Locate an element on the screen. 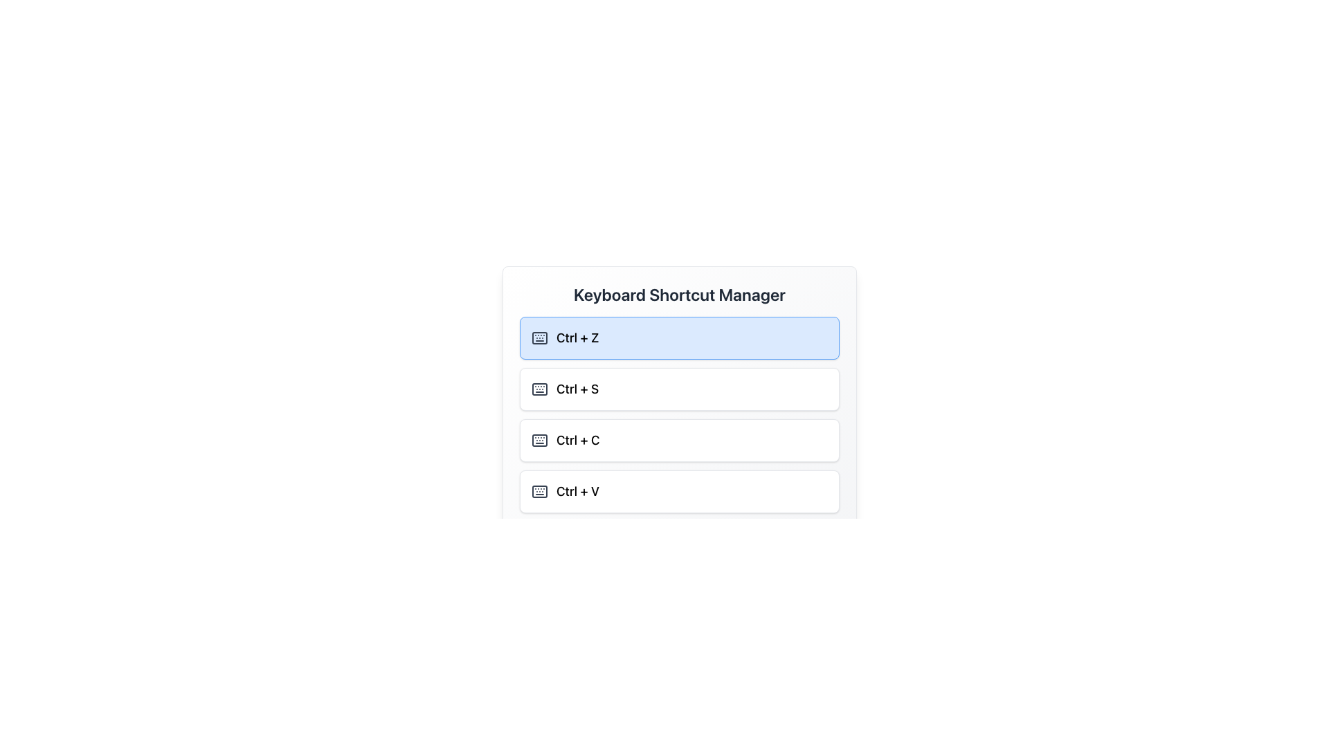 The width and height of the screenshot is (1329, 747). the keyboard icon located to the left of the text 'Ctrl + V' in the 'Keyboard Shortcut Manager' interface is located at coordinates (539, 490).